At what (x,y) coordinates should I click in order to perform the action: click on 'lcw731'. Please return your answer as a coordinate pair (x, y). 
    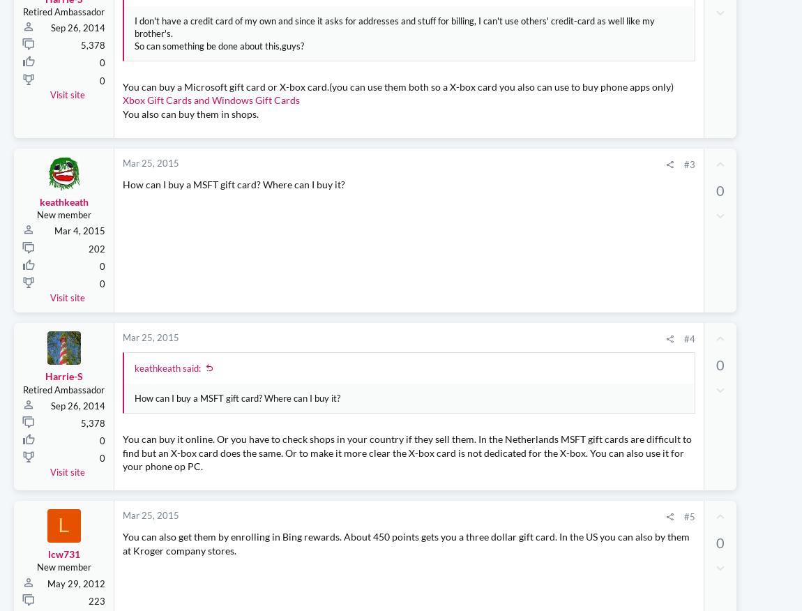
    Looking at the image, I should click on (62, 580).